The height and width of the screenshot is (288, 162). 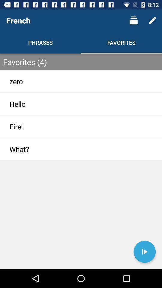 What do you see at coordinates (133, 20) in the screenshot?
I see `icon next to french item` at bounding box center [133, 20].